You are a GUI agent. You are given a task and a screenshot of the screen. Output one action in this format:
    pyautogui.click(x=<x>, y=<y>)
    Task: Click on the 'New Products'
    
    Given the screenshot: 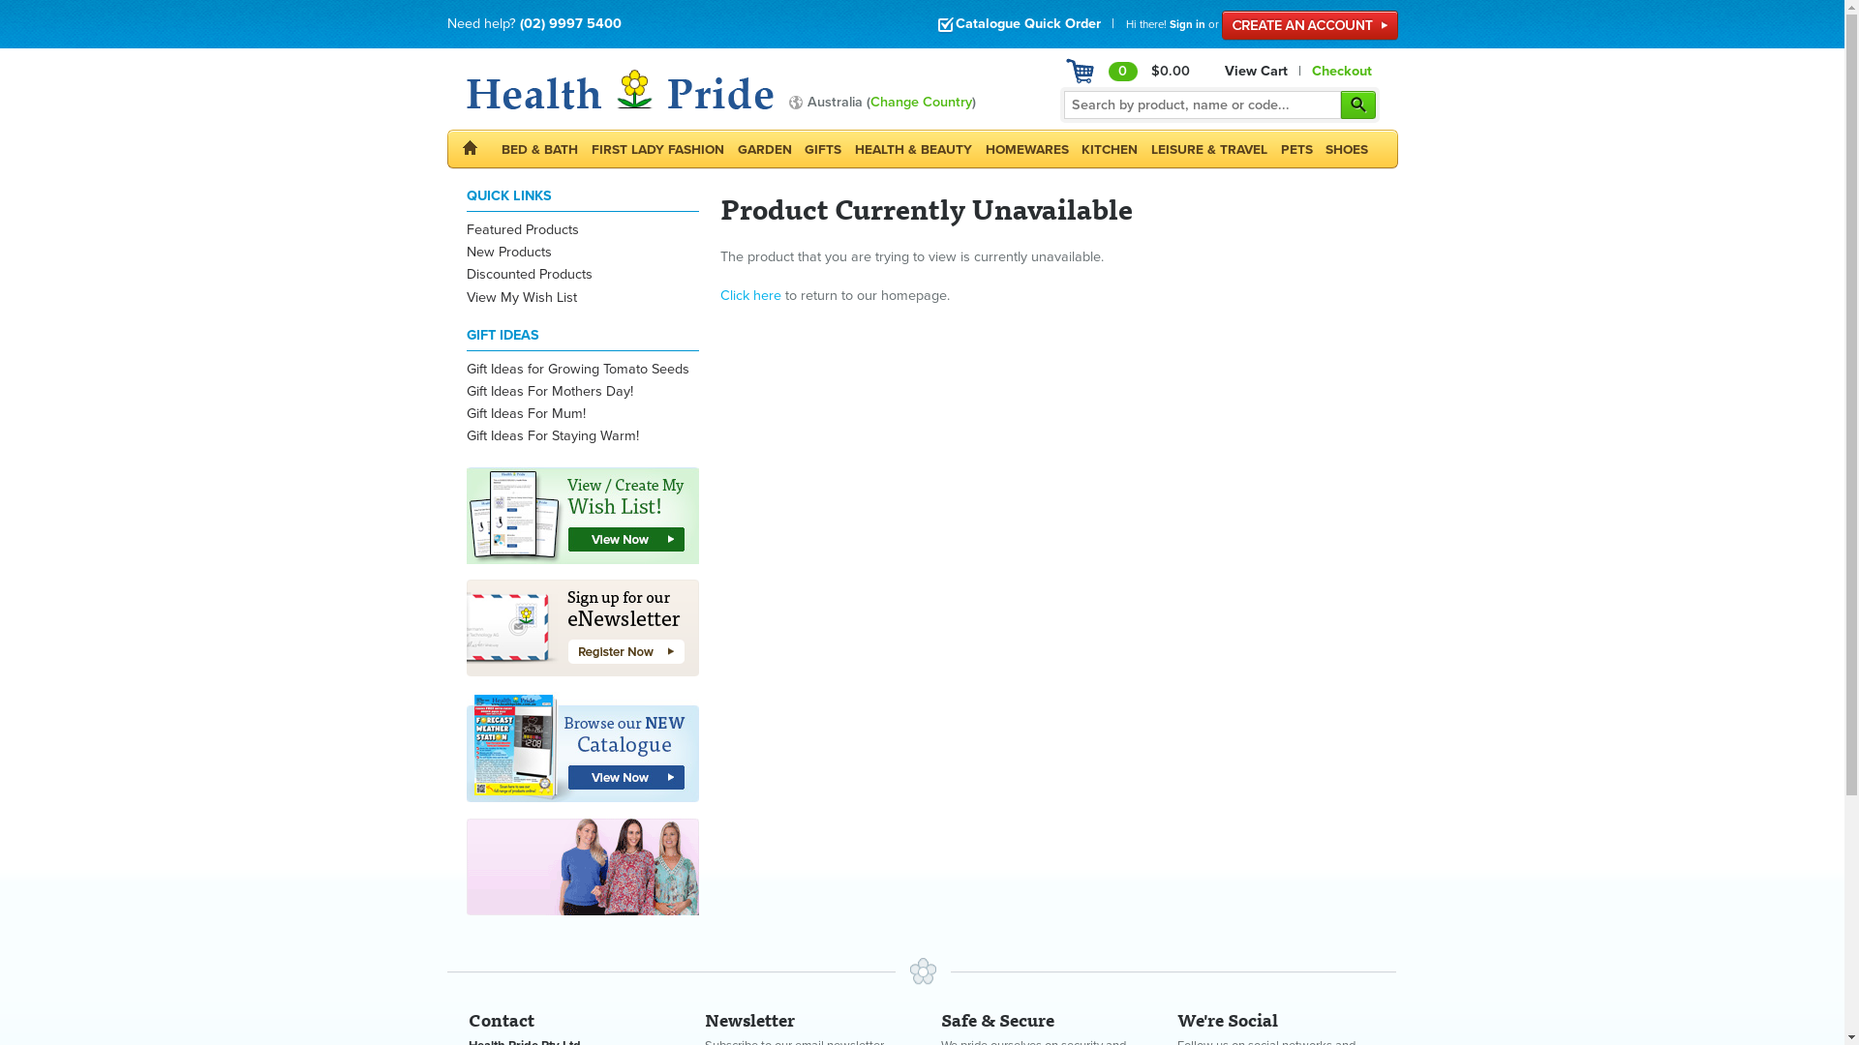 What is the action you would take?
    pyautogui.click(x=509, y=251)
    